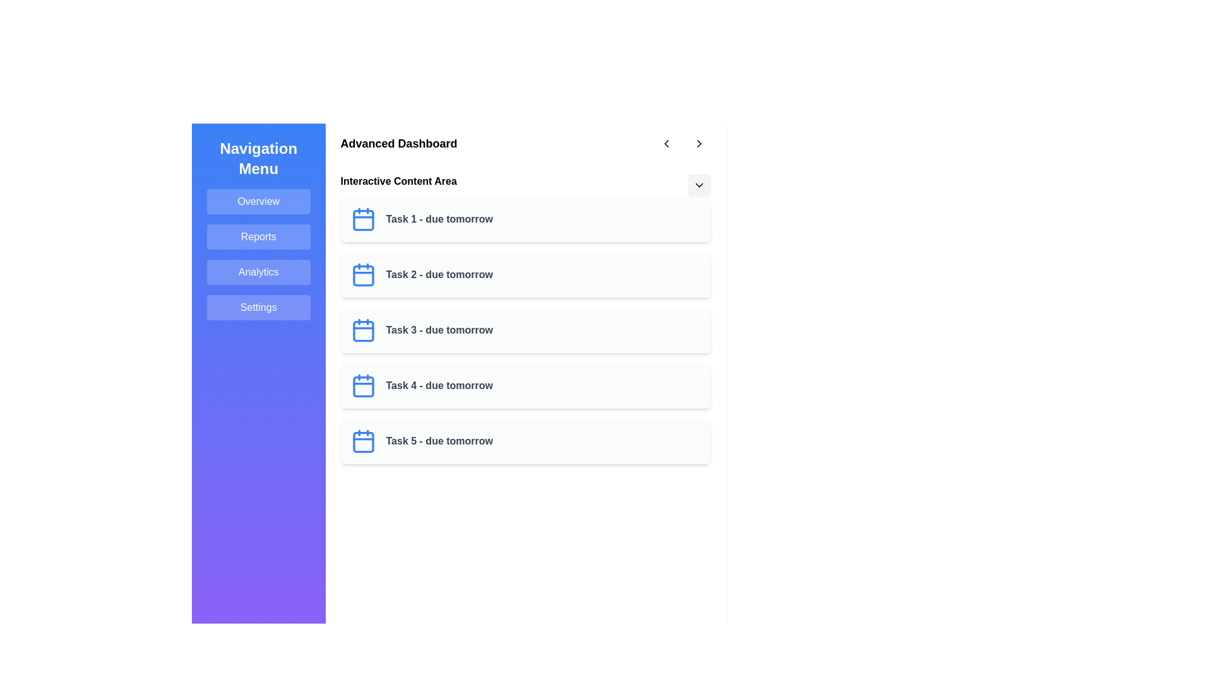 This screenshot has height=681, width=1212. What do you see at coordinates (666, 143) in the screenshot?
I see `the Chevron navigation icon within the rounded clickable button located at the top-right of the Advanced Dashboard section to change its appearance` at bounding box center [666, 143].